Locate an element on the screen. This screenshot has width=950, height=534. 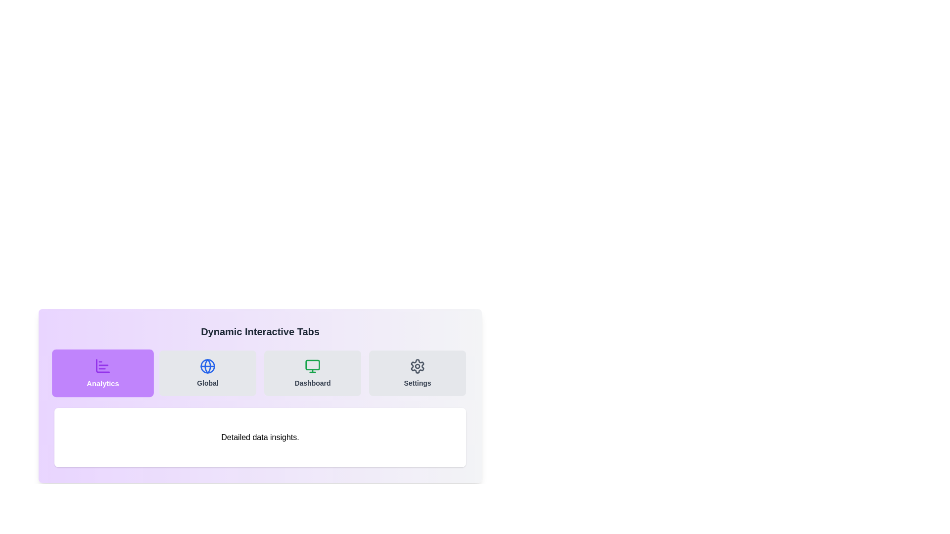
the Text Label that describes the settings card, located below a gear-like icon and is the fourth card in a row of similarly styled cards is located at coordinates (418, 383).